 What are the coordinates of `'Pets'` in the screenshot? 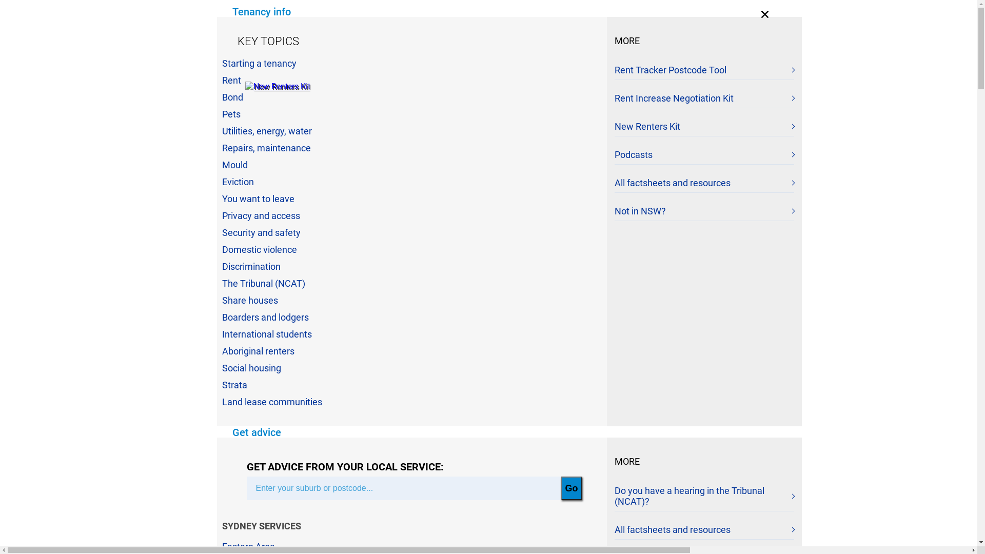 It's located at (230, 114).